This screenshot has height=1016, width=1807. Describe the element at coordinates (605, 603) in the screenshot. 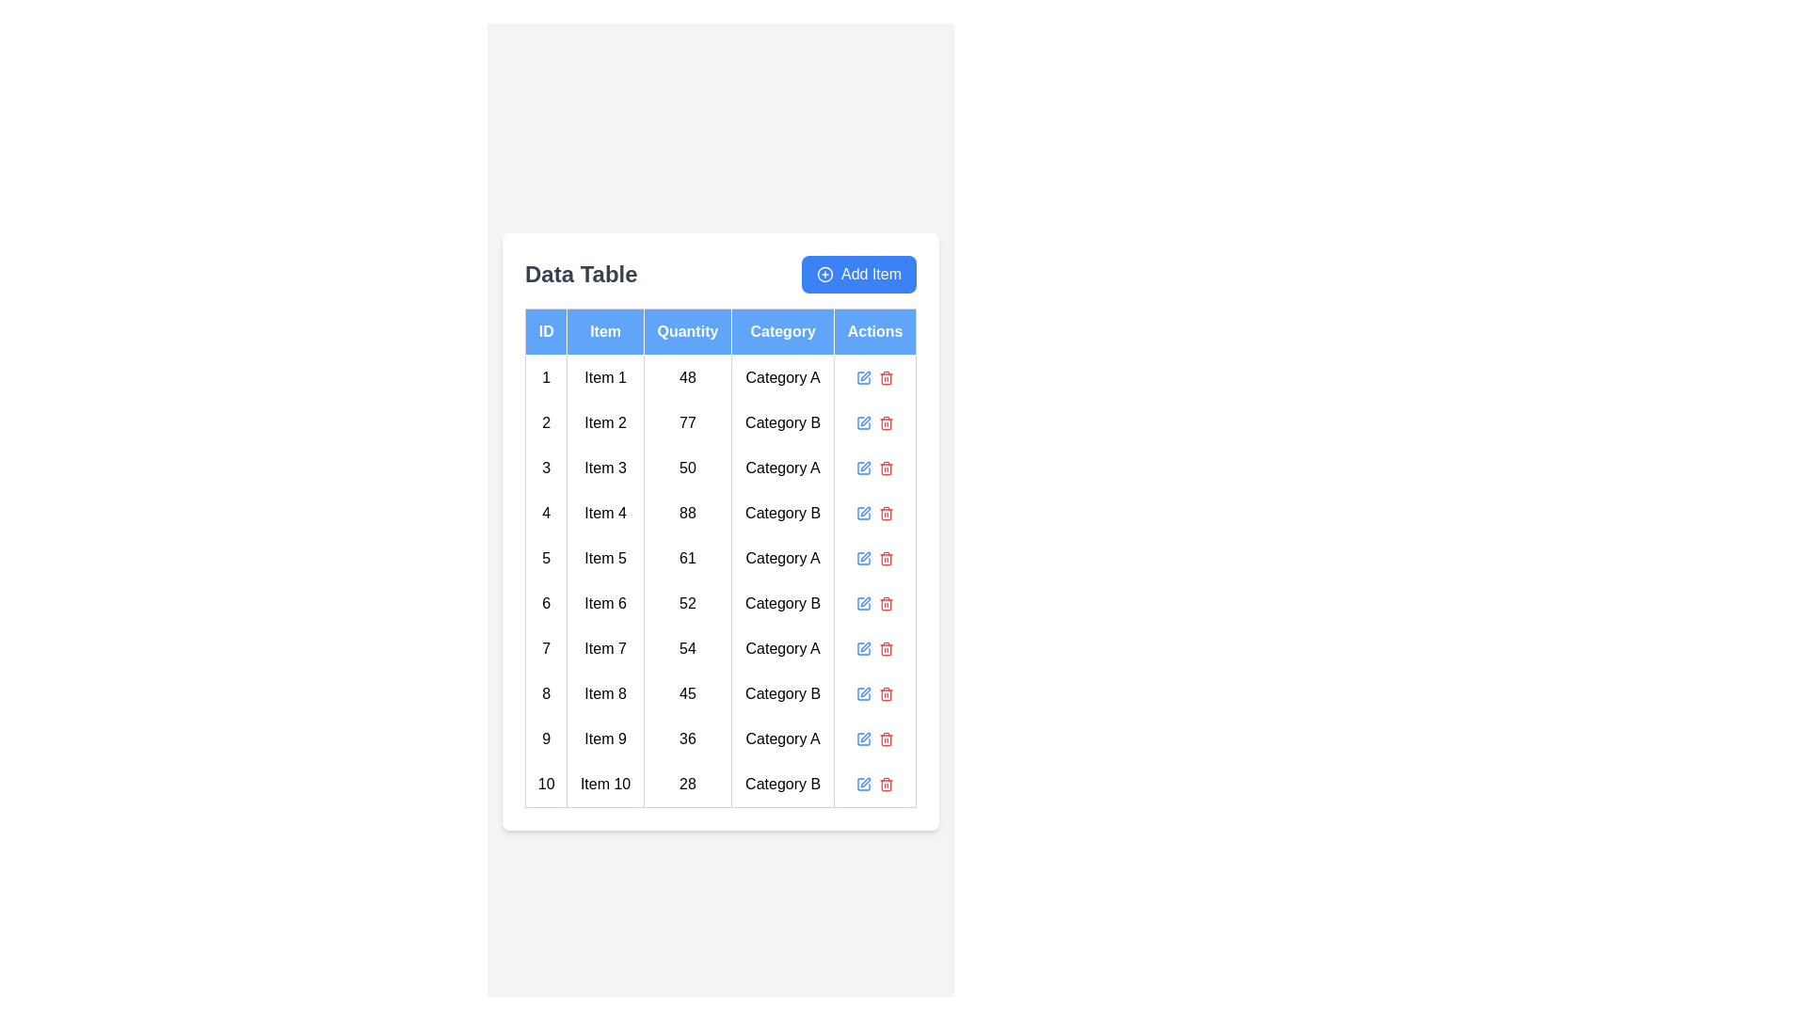

I see `the text label displaying 'Item 6', which is the second cell in the sixth row of the table, styled with padding and a gray border on its right` at that location.